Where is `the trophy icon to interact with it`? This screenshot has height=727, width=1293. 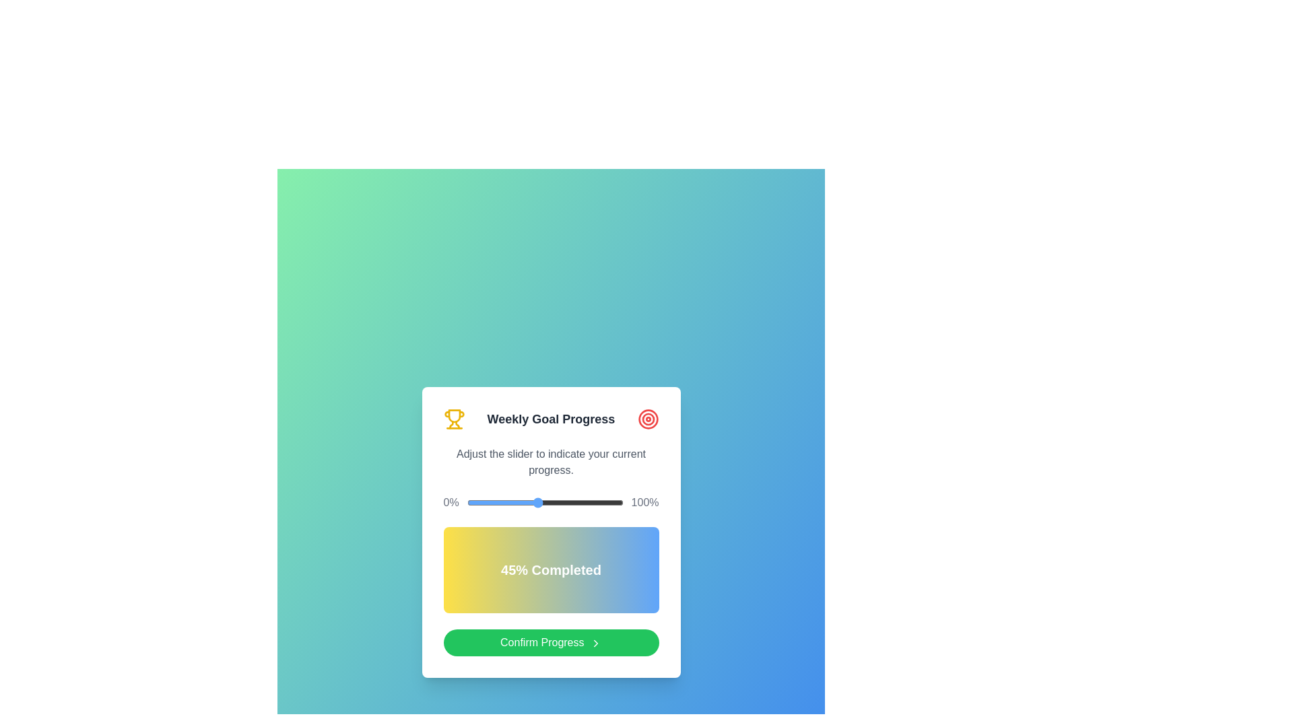 the trophy icon to interact with it is located at coordinates (454, 419).